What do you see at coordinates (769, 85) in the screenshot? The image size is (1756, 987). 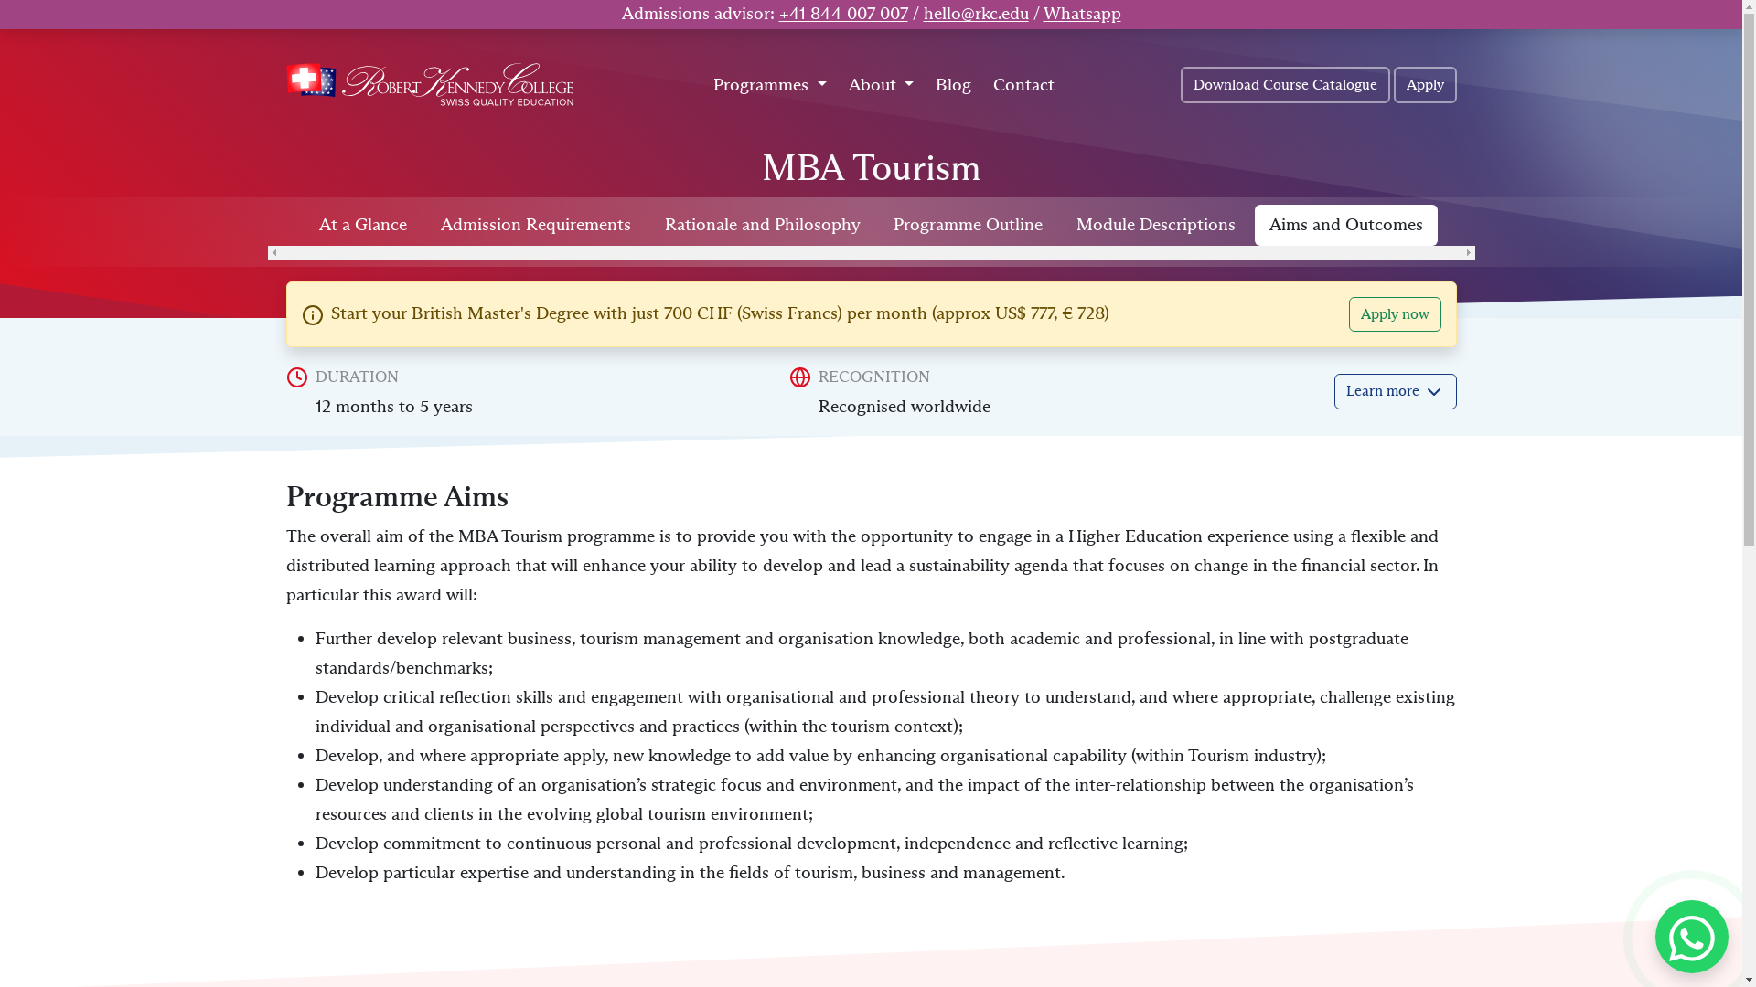 I see `'Programmes'` at bounding box center [769, 85].